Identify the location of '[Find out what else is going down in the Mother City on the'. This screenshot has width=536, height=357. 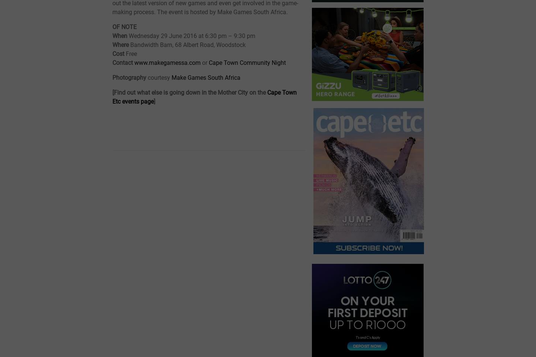
(189, 92).